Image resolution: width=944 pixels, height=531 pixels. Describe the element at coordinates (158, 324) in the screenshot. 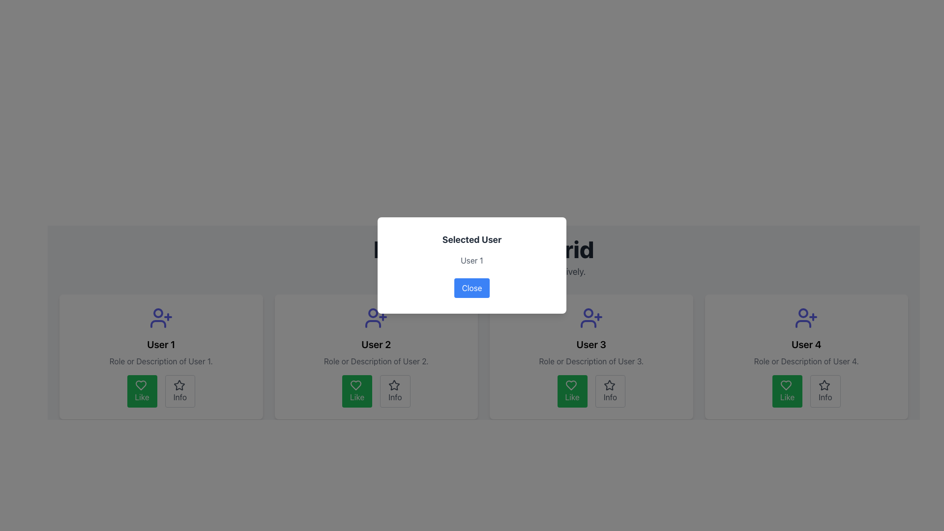

I see `the user profile icon that symbolizes a person, which is positioned above the label 'User 1' in the user grid` at that location.